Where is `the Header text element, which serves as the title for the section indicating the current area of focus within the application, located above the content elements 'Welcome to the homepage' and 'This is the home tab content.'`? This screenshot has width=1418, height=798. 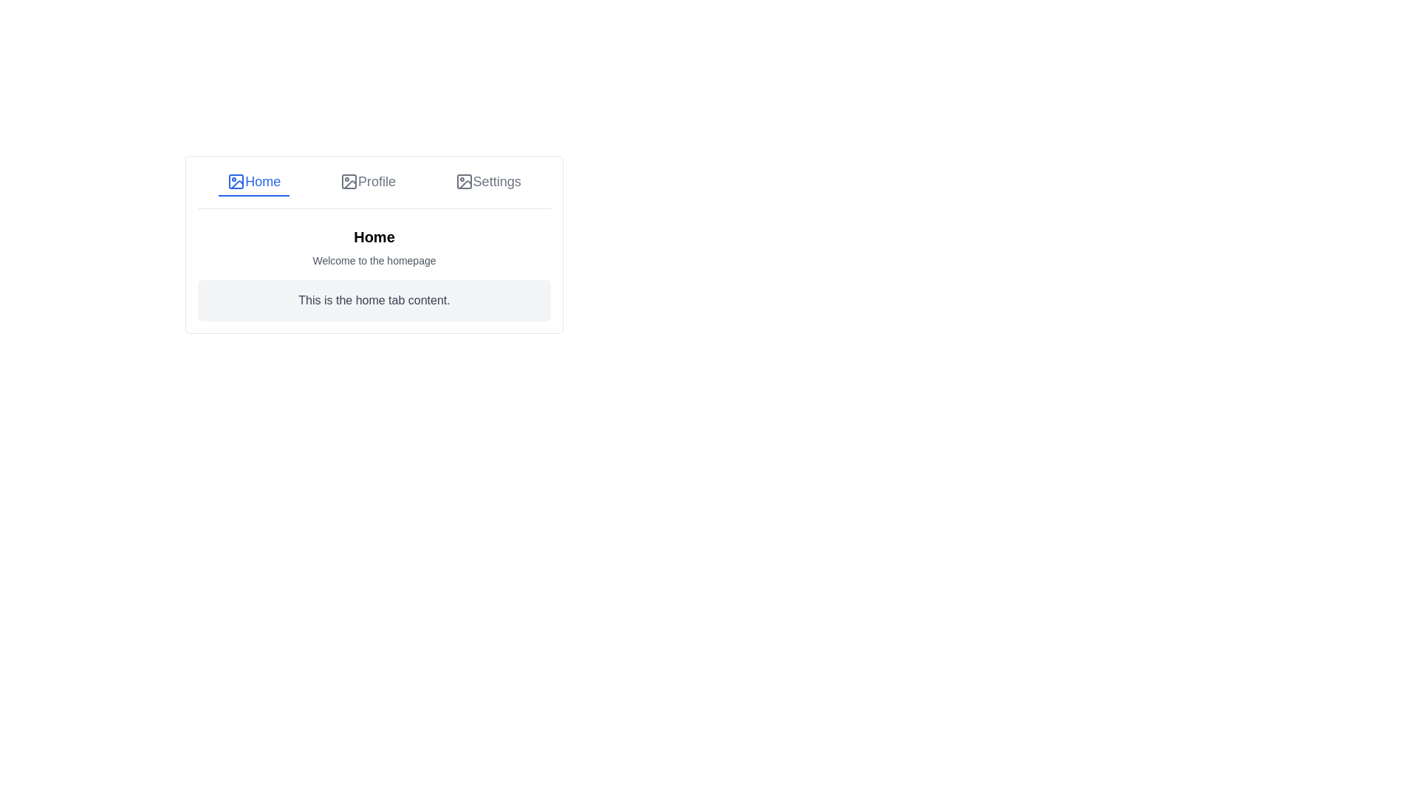
the Header text element, which serves as the title for the section indicating the current area of focus within the application, located above the content elements 'Welcome to the homepage' and 'This is the home tab content.' is located at coordinates (374, 236).